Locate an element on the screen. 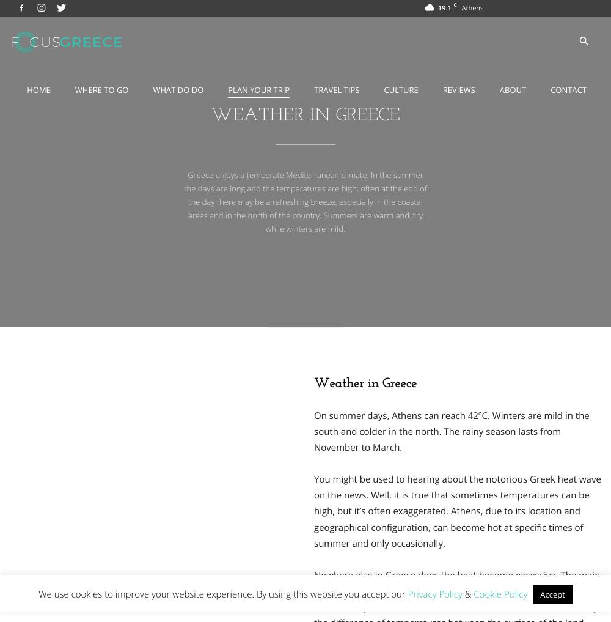  'Privacy Policy' is located at coordinates (434, 594).